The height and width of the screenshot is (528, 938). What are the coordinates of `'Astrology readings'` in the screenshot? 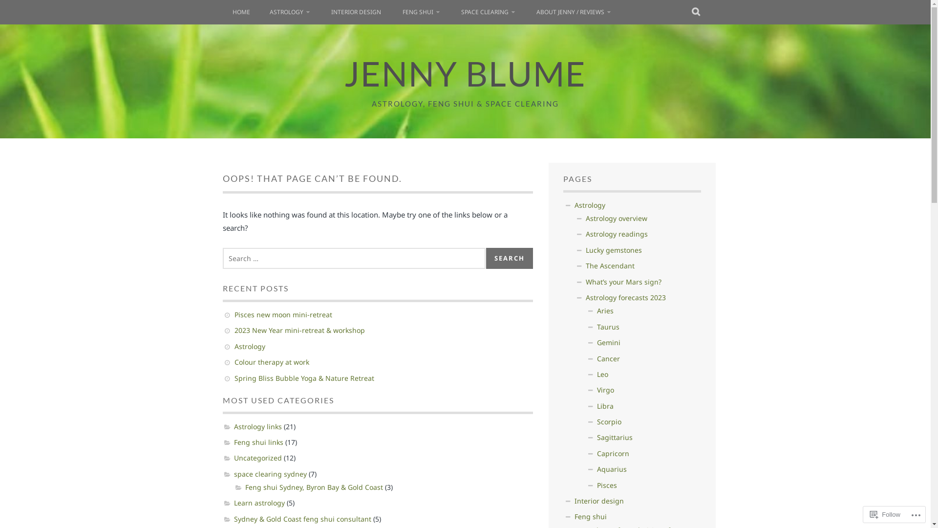 It's located at (616, 234).